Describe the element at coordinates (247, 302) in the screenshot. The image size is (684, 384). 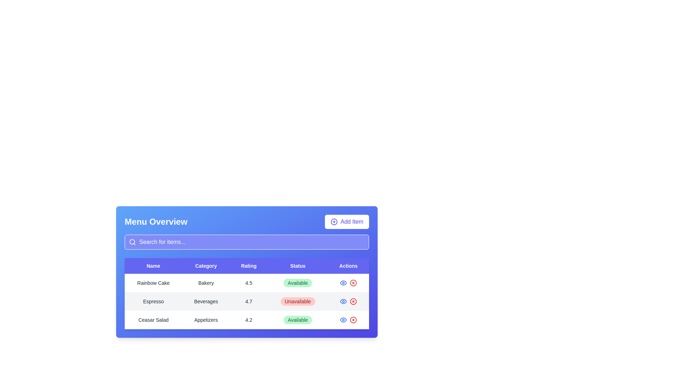
I see `the second row in the table that displays item information, including name, category, rating, and status` at that location.